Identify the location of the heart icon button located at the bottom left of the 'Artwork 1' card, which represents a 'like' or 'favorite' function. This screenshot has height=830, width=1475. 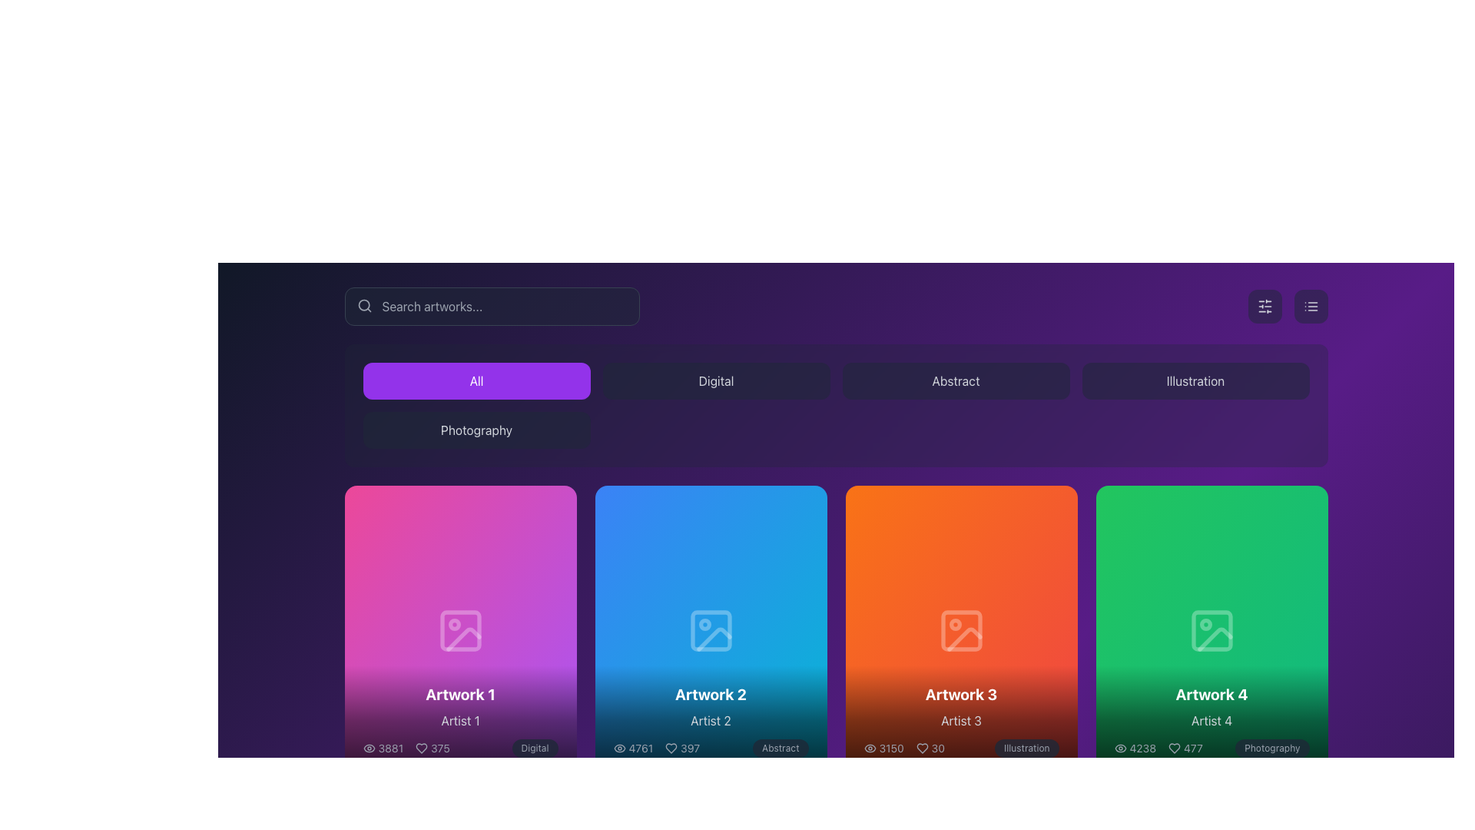
(422, 747).